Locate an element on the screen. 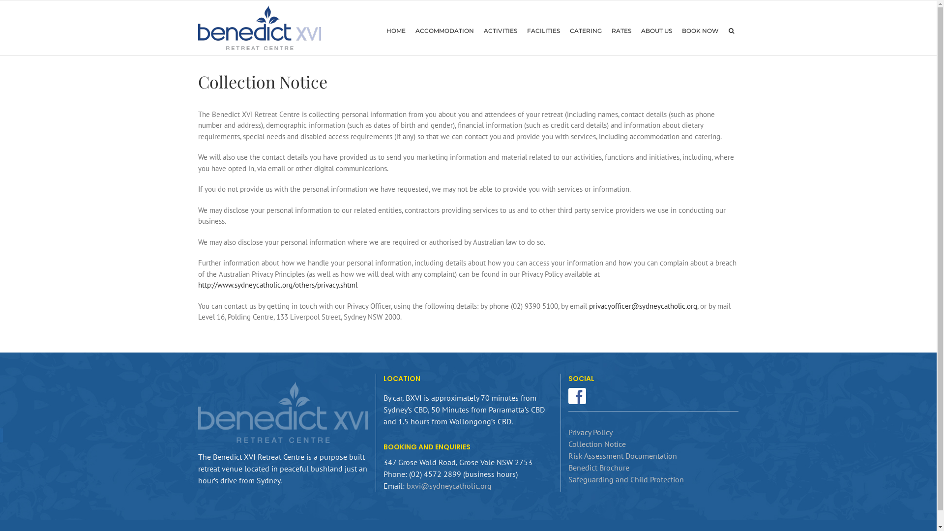 The width and height of the screenshot is (944, 531). 'Collection Notice' is located at coordinates (596, 443).